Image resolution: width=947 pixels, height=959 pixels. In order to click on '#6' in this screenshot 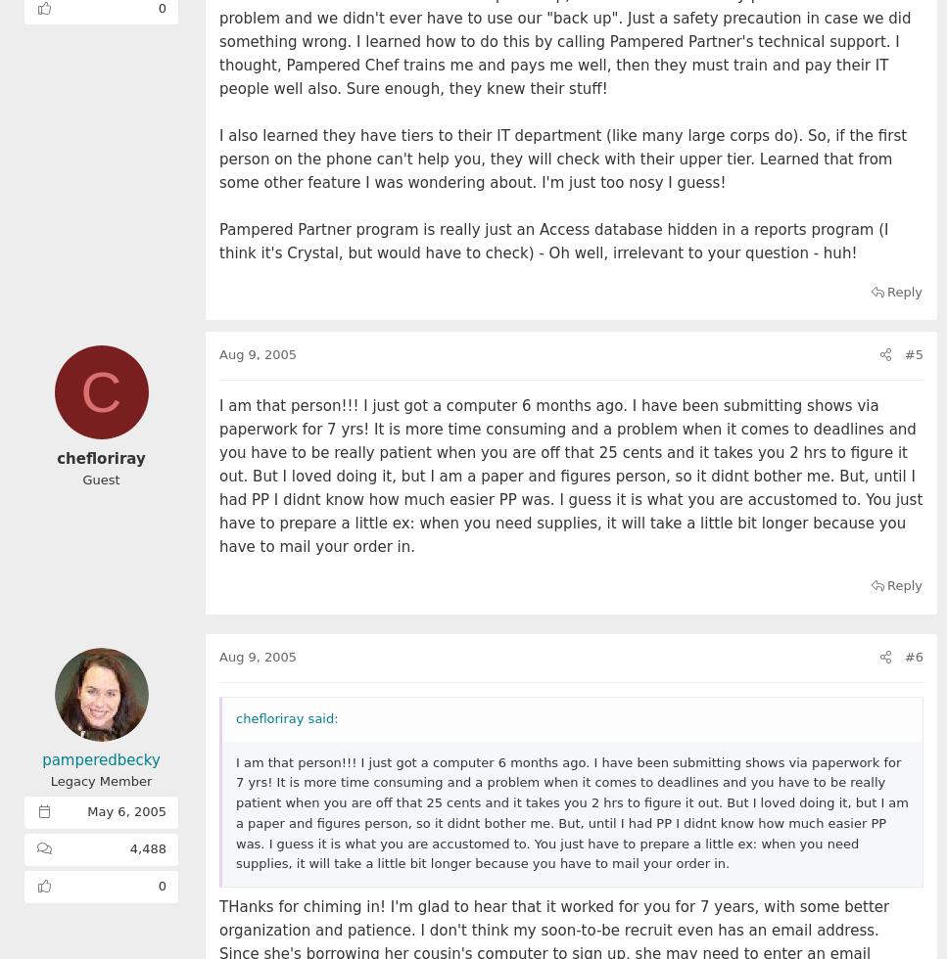, I will do `click(904, 656)`.